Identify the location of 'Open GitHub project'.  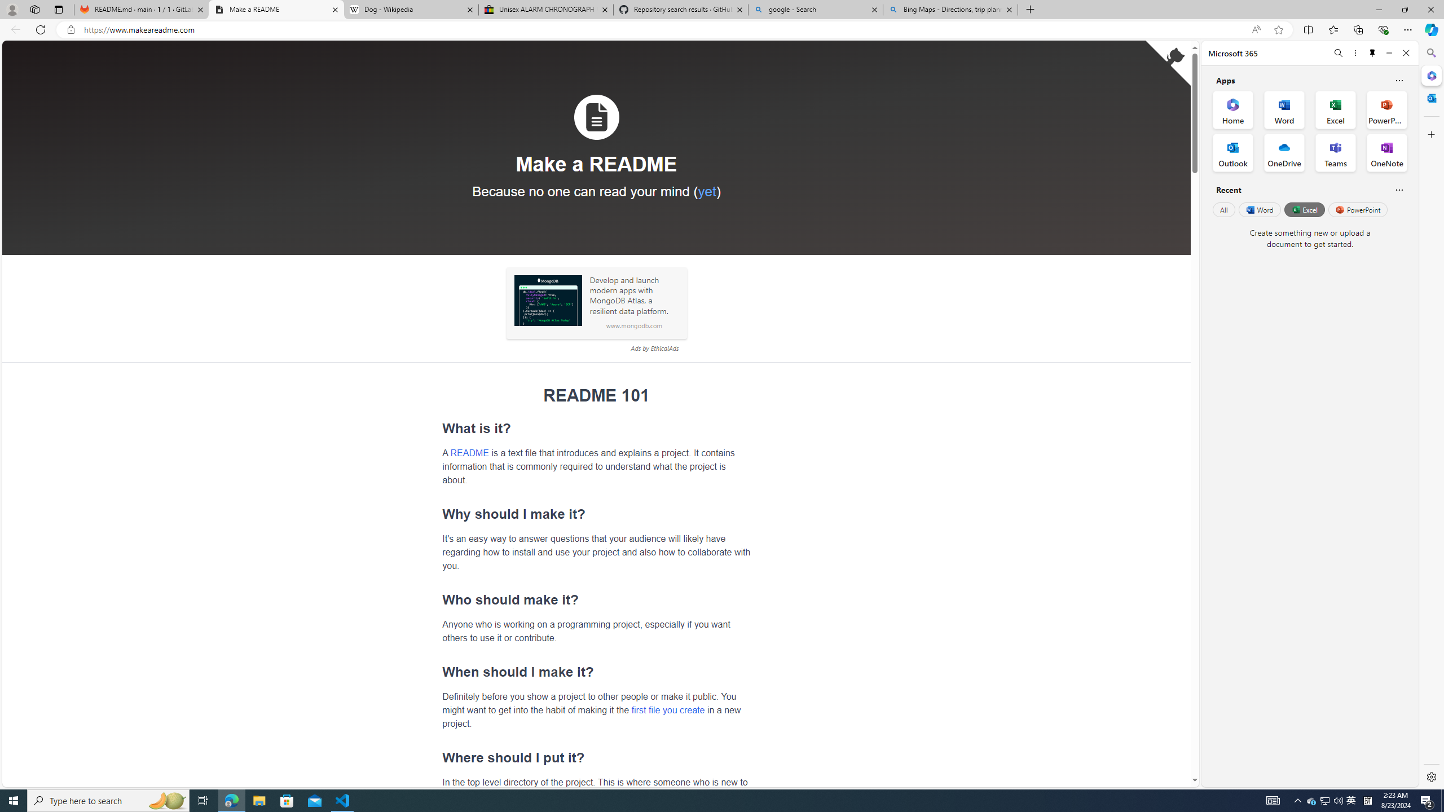
(1168, 63).